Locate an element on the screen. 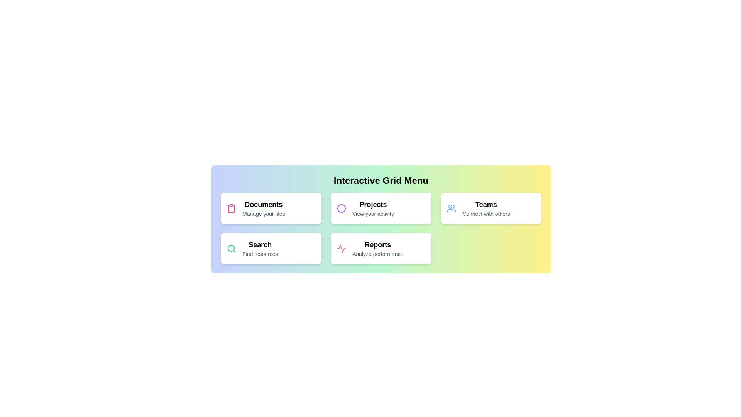  the icon associated with Teams to inspect it is located at coordinates (452, 208).